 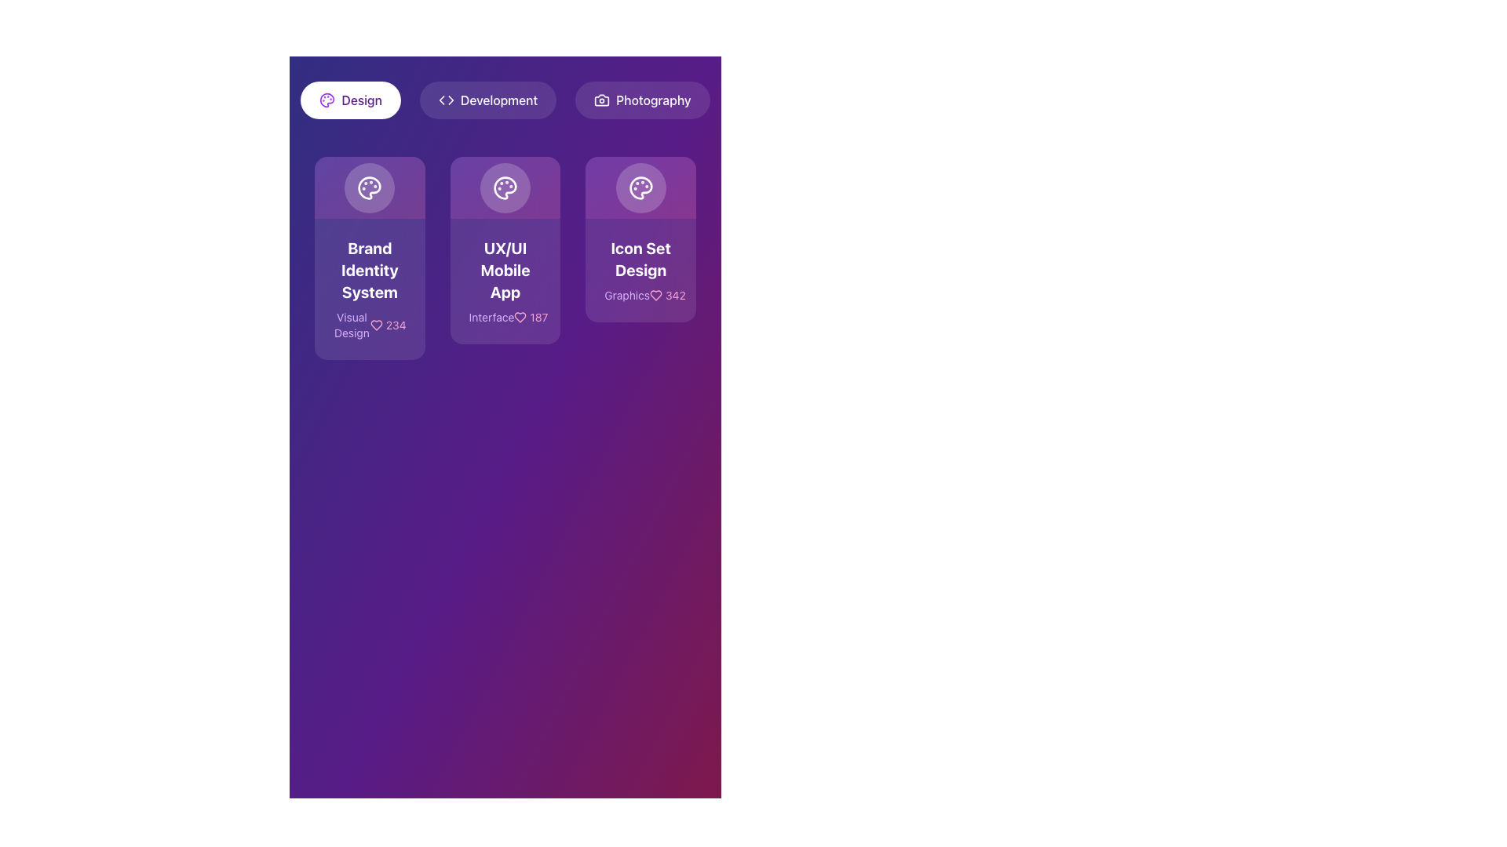 I want to click on the decorative icon associated with likes or favorites located in the 'Brand Identity System' card, positioned to the left of the number '234', so click(x=375, y=325).